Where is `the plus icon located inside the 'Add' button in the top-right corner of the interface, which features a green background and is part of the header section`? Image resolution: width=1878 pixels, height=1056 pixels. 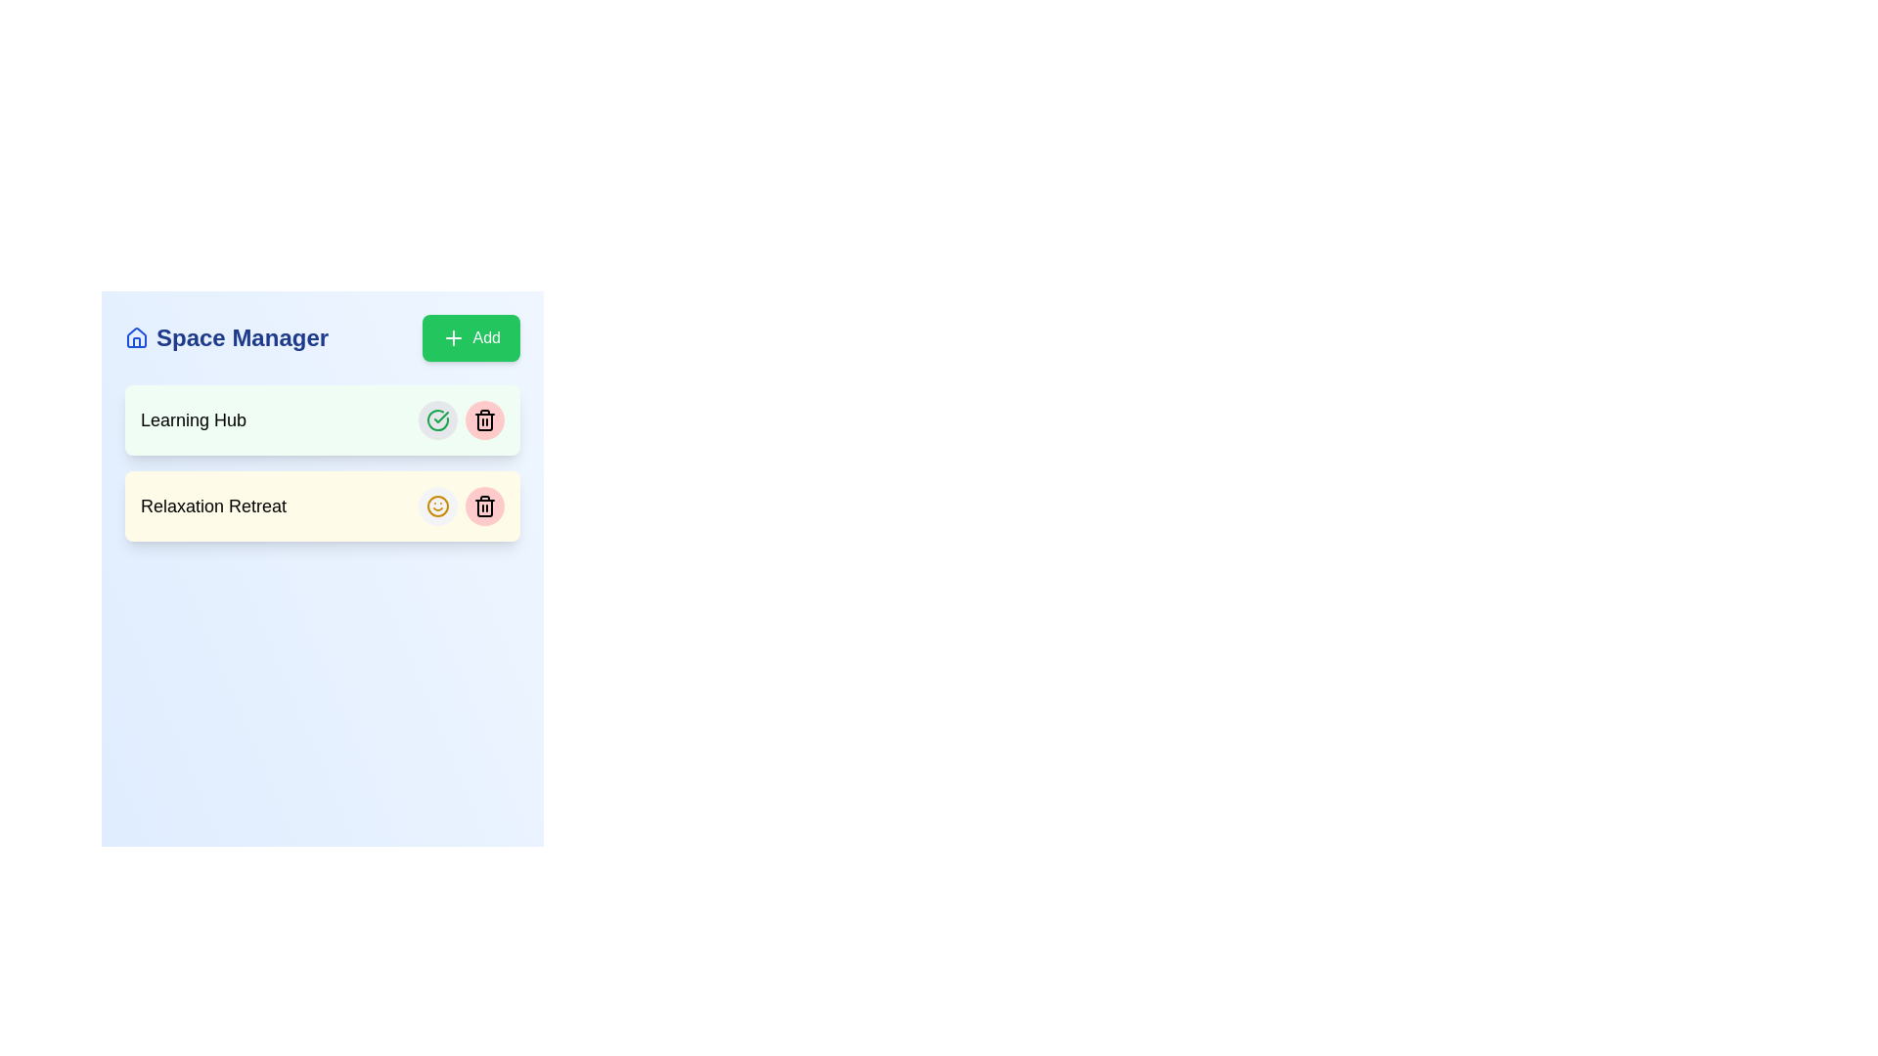 the plus icon located inside the 'Add' button in the top-right corner of the interface, which features a green background and is part of the header section is located at coordinates (452, 337).